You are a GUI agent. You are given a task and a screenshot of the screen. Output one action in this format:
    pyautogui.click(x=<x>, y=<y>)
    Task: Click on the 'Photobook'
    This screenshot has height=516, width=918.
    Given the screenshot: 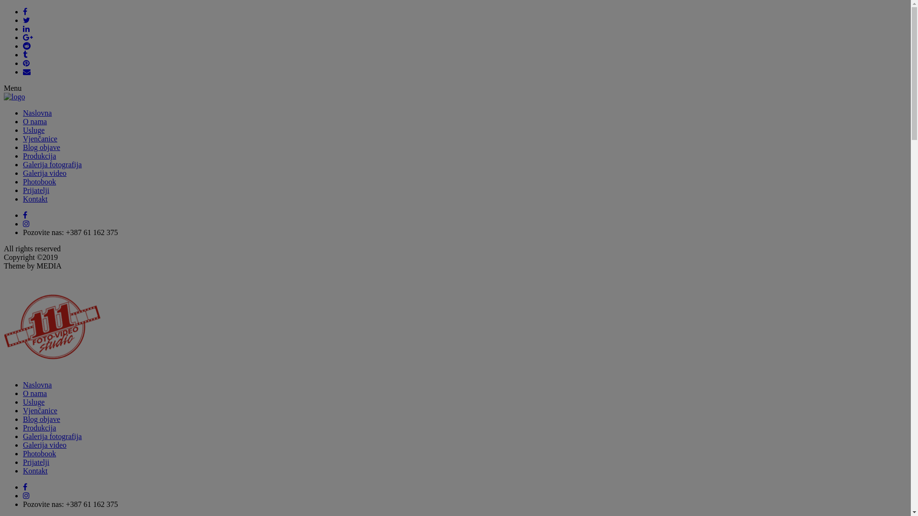 What is the action you would take?
    pyautogui.click(x=39, y=182)
    